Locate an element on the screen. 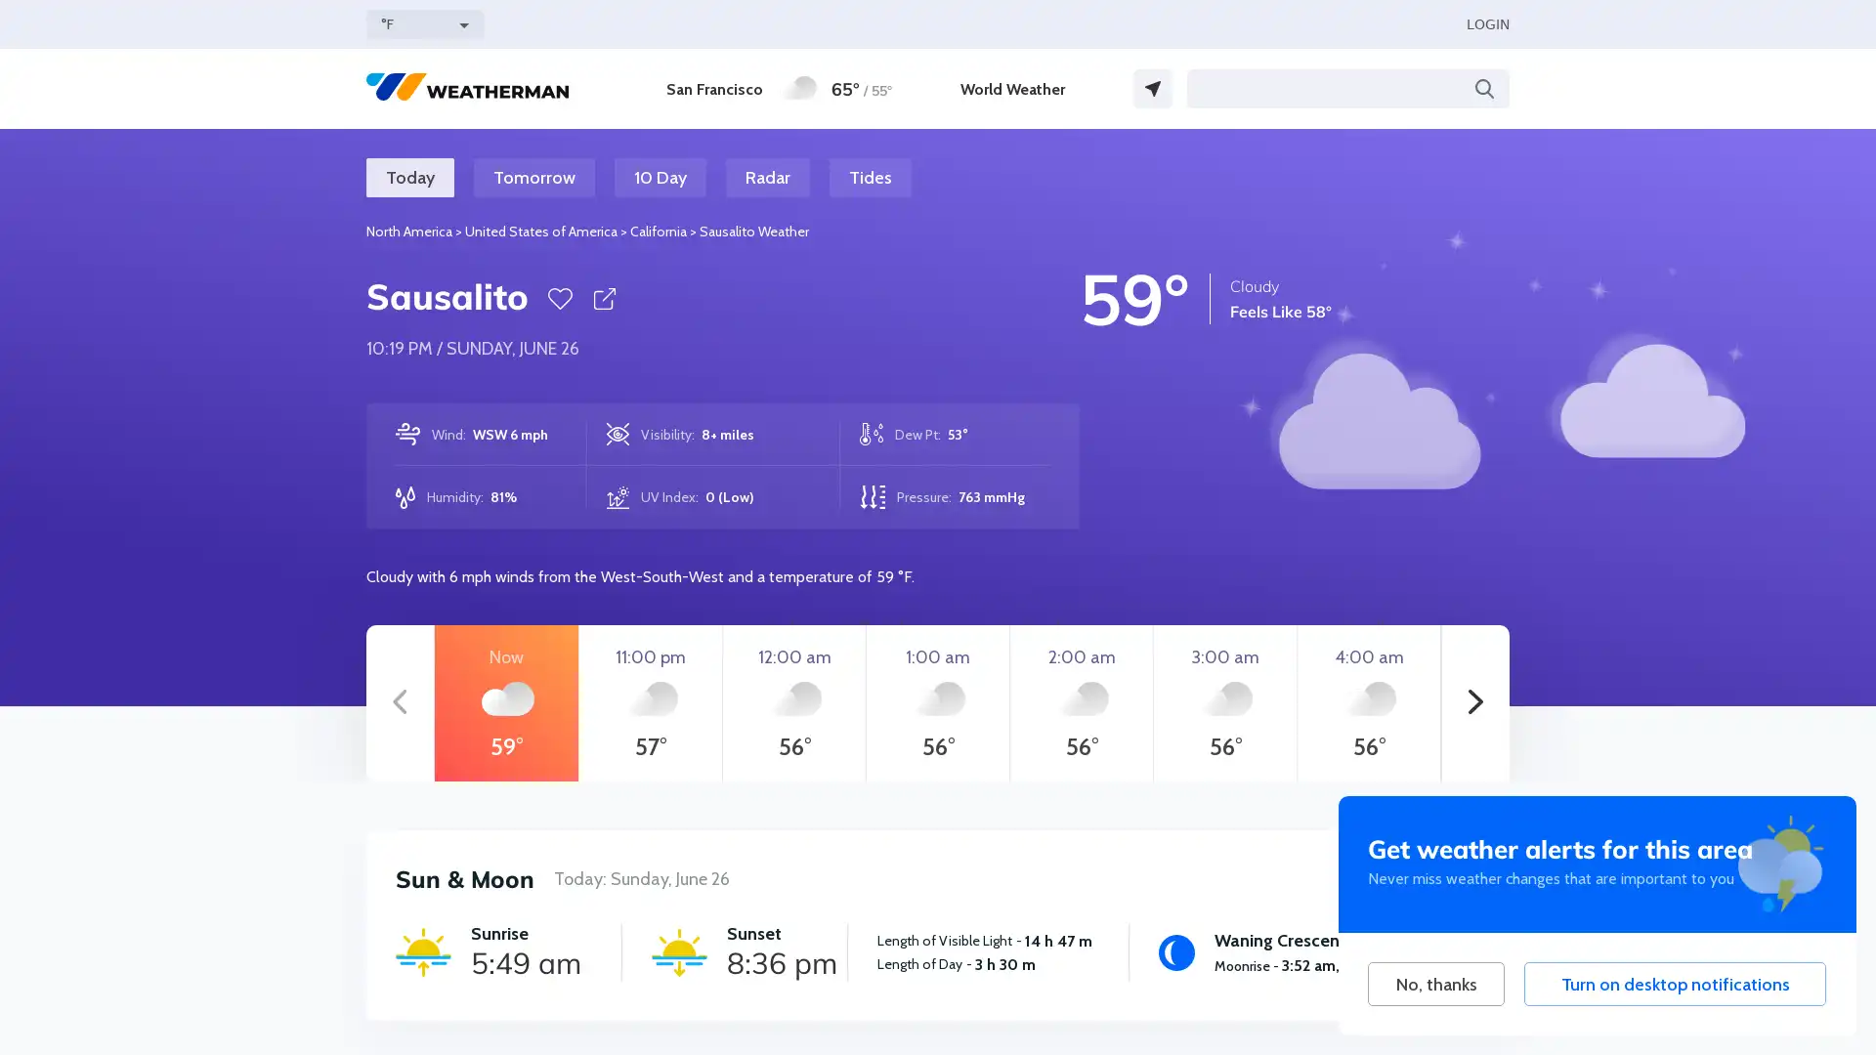 Image resolution: width=1876 pixels, height=1055 pixels. GPS Location is located at coordinates (1153, 89).